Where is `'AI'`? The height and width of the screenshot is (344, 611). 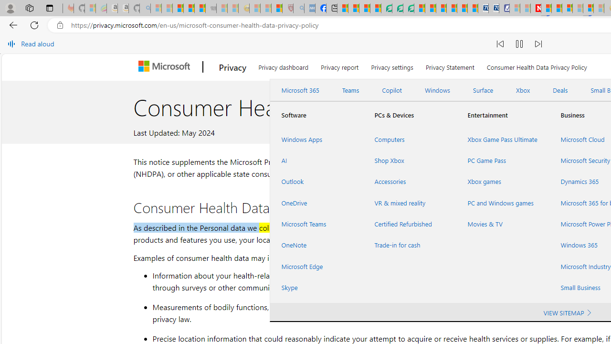 'AI' is located at coordinates (316, 160).